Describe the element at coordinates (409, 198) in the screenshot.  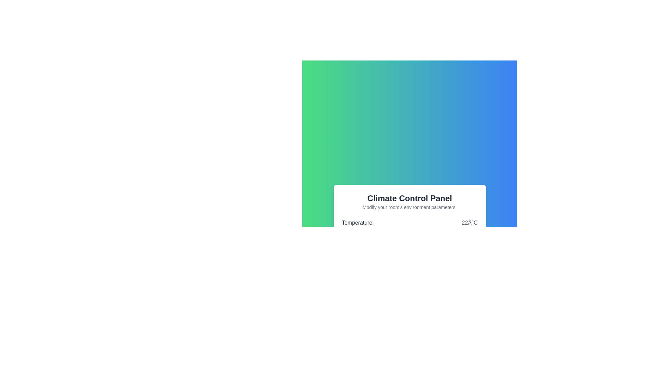
I see `the heading labeled 'Climate Control Panel', which is prominently displayed in bold black font, located above the text 'Modify your room's environment parameters'` at that location.